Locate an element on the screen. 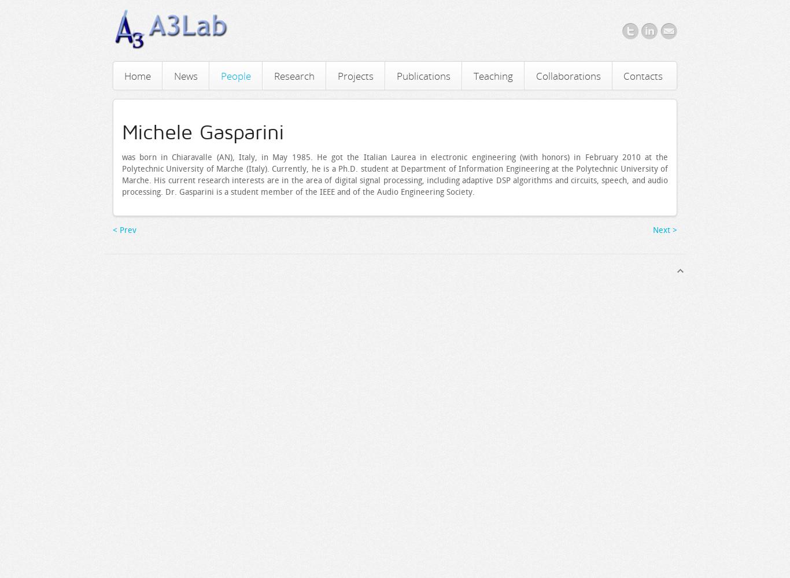 This screenshot has width=790, height=578. 'Teaching' is located at coordinates (472, 76).